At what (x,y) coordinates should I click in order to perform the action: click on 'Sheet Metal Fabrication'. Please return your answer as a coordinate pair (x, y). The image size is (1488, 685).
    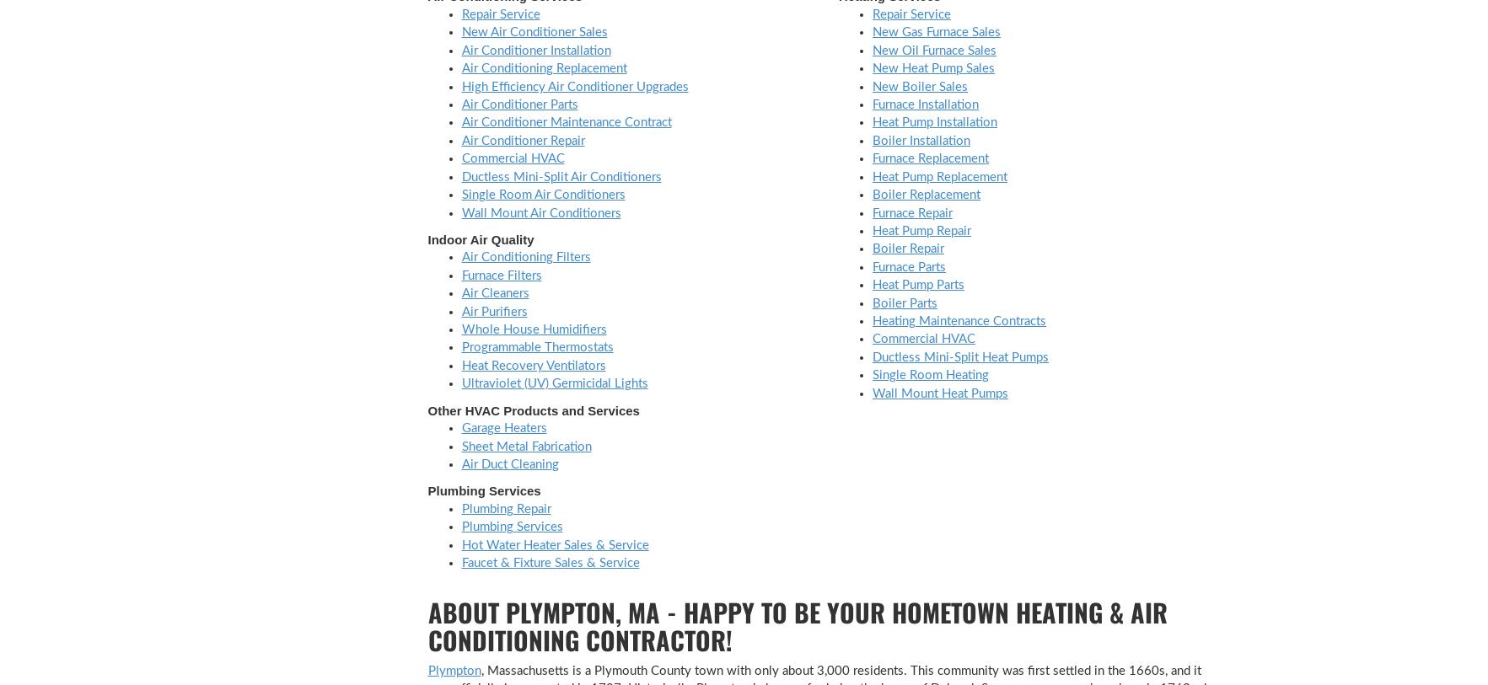
    Looking at the image, I should click on (524, 446).